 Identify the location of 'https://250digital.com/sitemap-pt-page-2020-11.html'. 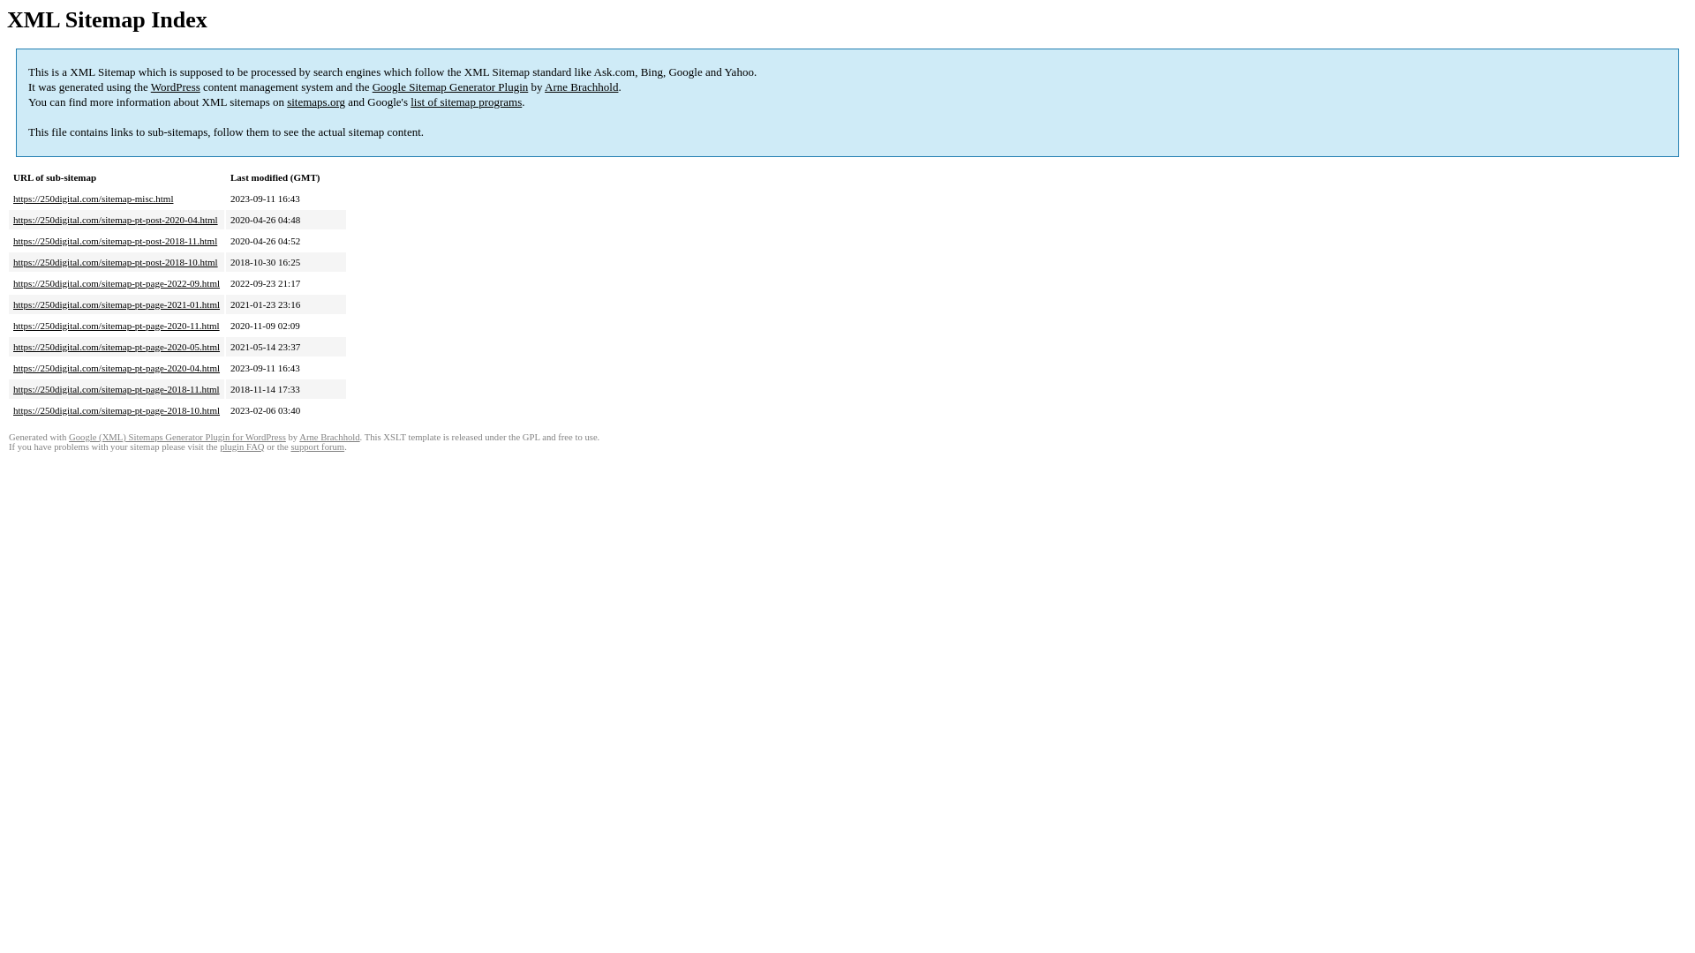
(12, 326).